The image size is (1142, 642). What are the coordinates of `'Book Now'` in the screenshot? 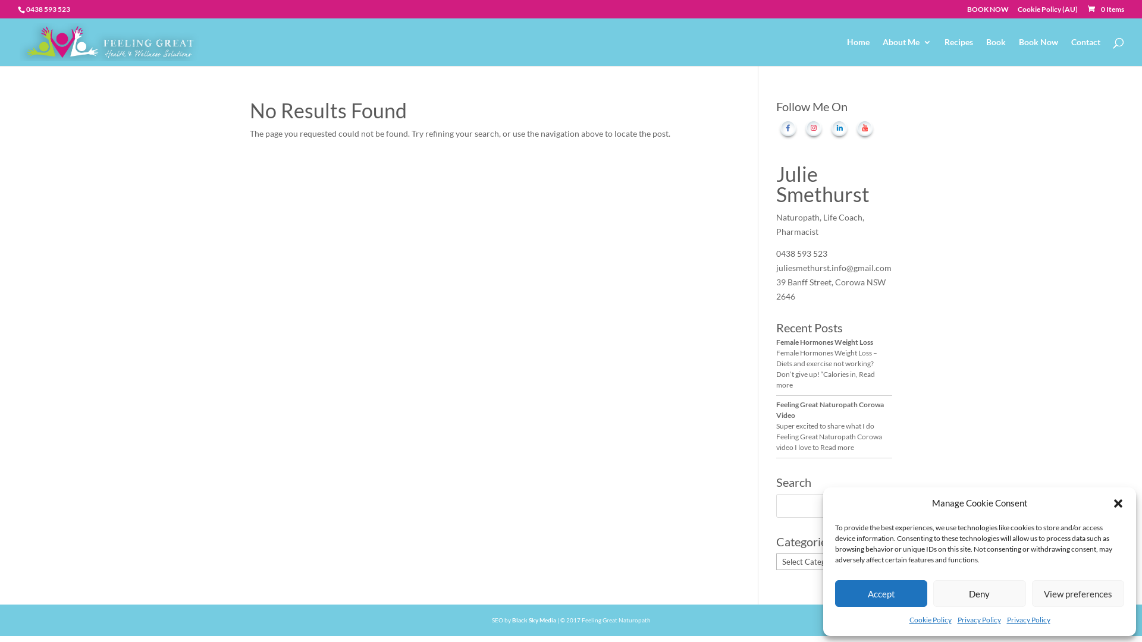 It's located at (1038, 51).